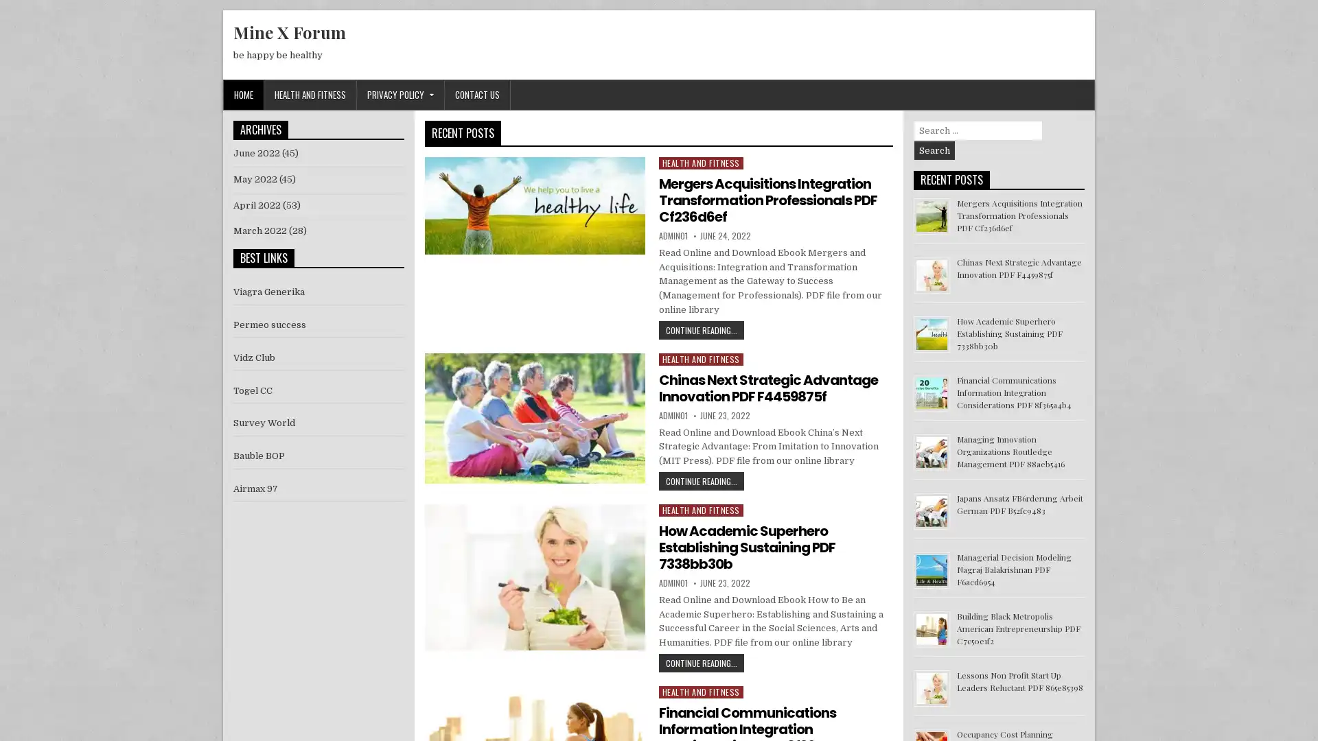 The image size is (1318, 741). I want to click on Search, so click(934, 150).